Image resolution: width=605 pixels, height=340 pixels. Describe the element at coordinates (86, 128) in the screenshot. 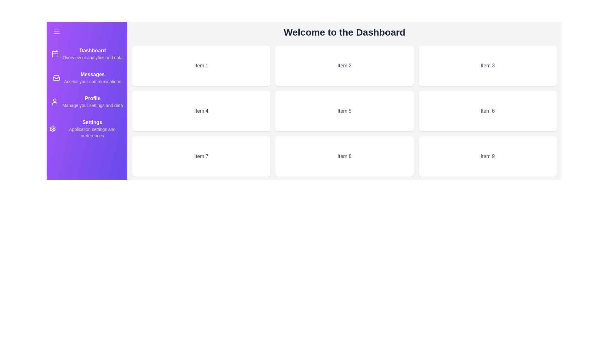

I see `the 'Settings' navigation item in the drawer` at that location.